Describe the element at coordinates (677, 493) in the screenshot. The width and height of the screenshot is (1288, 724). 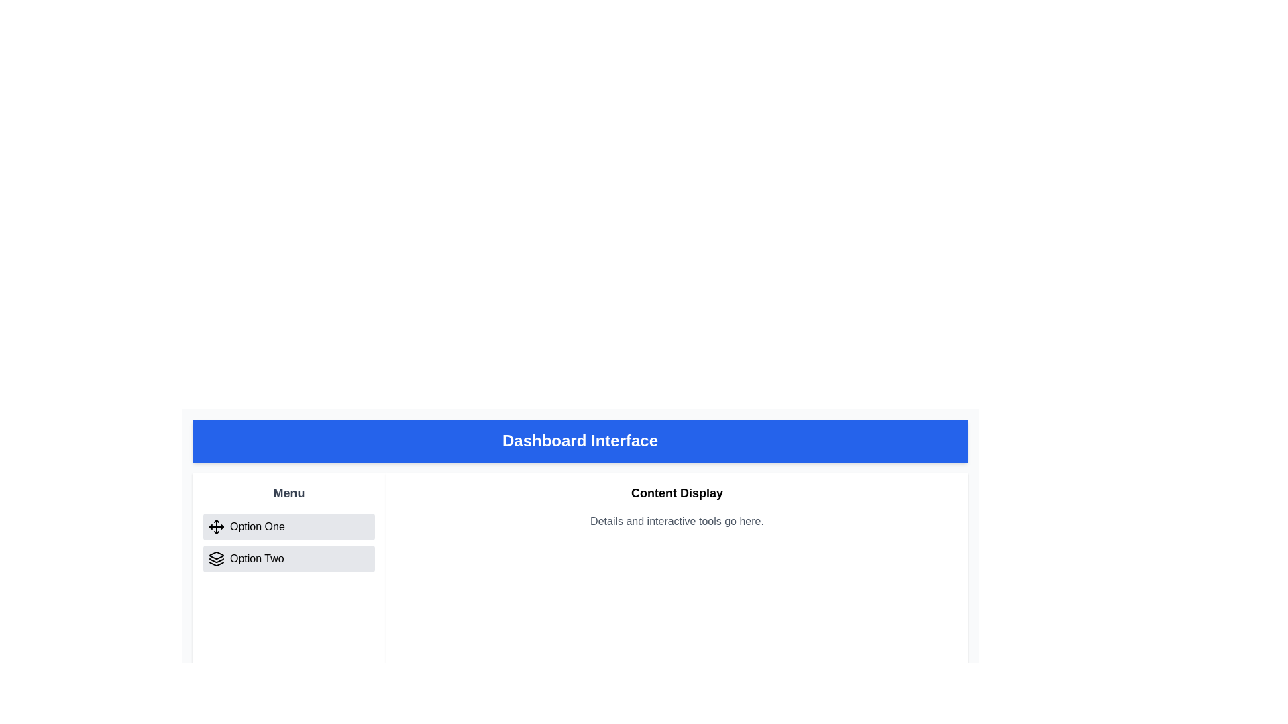
I see `the static text label that serves as a section title, positioned centrally below the blue header bar titled 'Dashboard Interface'` at that location.